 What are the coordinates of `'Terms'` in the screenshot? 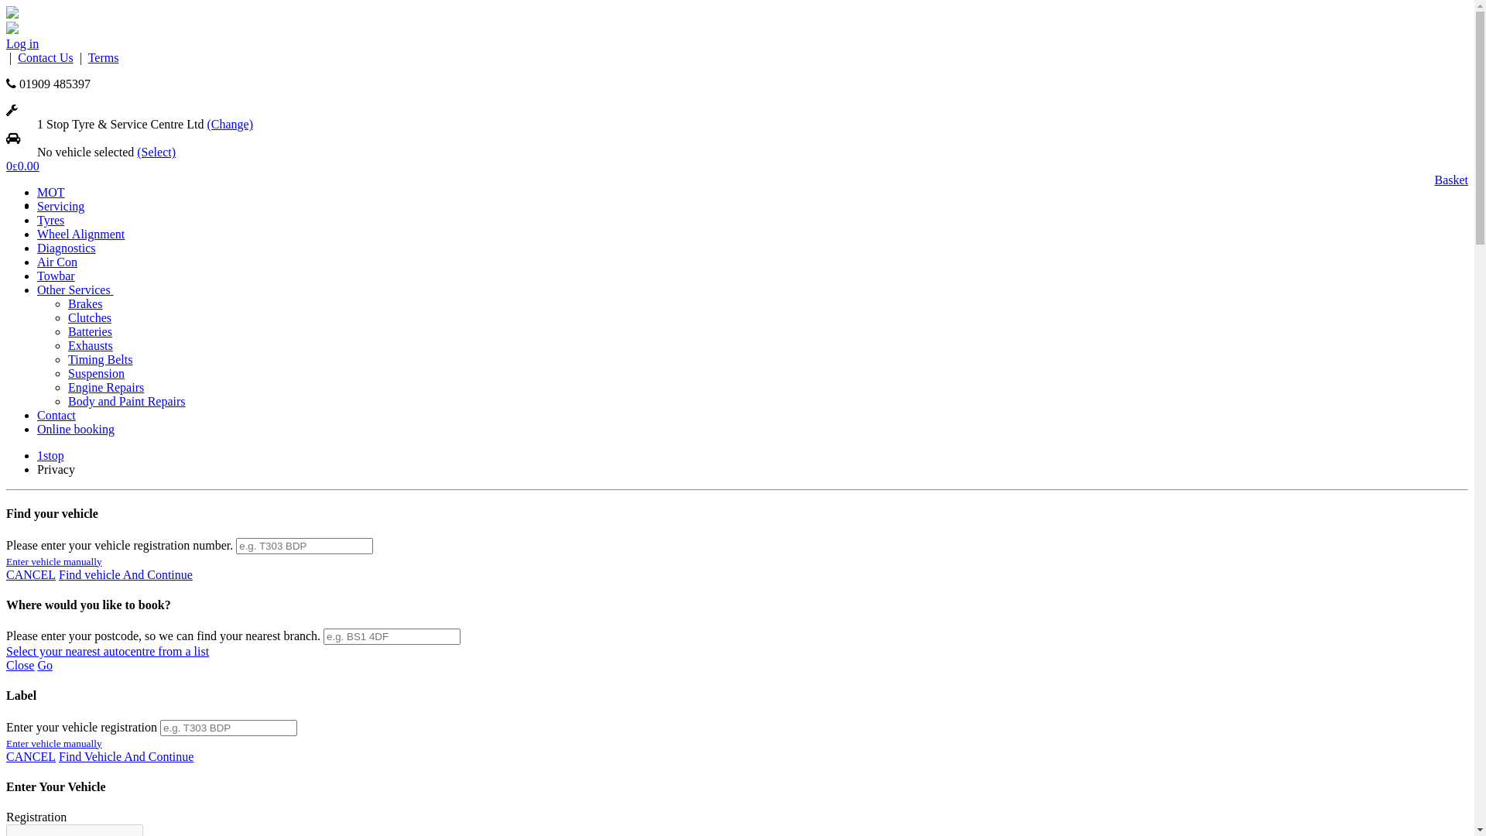 It's located at (87, 57).